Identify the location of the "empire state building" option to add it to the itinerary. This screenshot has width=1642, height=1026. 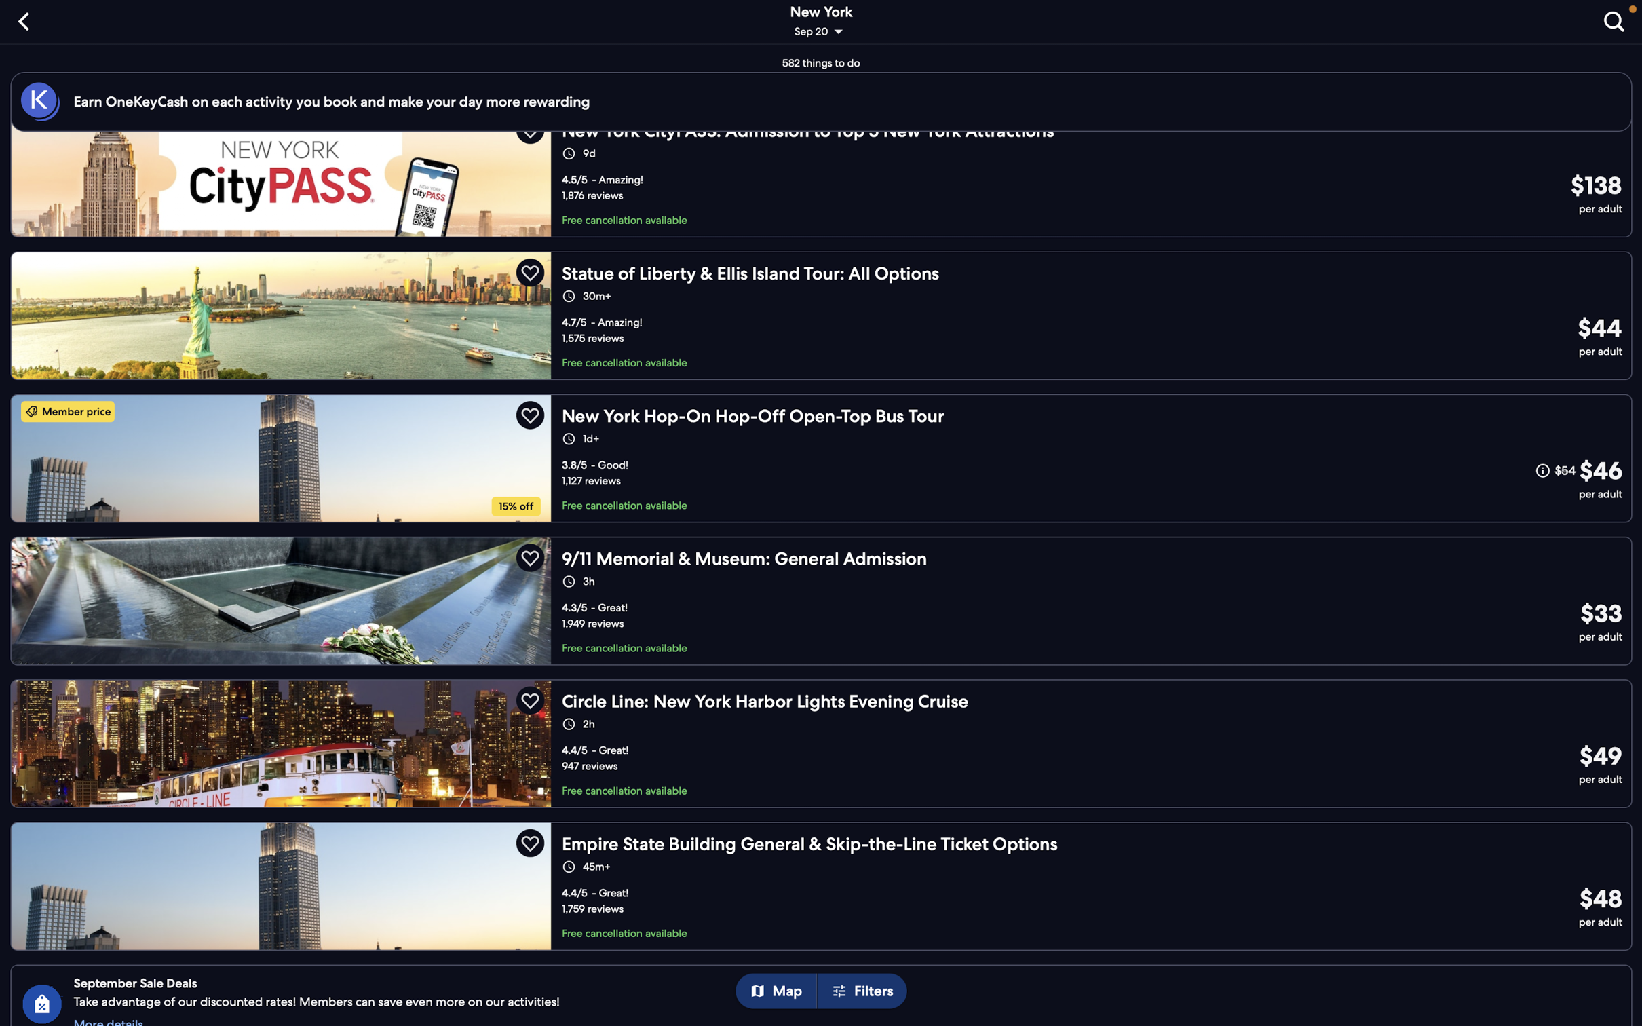
(826, 882).